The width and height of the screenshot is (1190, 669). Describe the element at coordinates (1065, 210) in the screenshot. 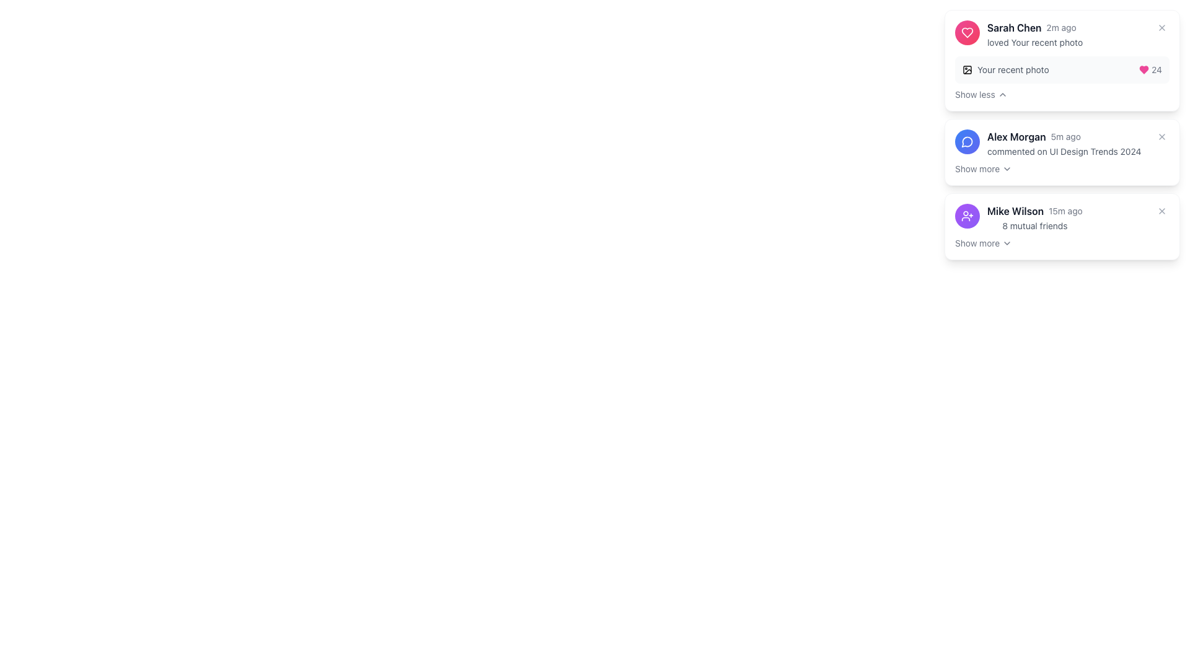

I see `the text label that indicates the elapsed time since the notification for 'Mike Wilson', which is positioned to the right of 'Mike Wilson' in the notification entry` at that location.